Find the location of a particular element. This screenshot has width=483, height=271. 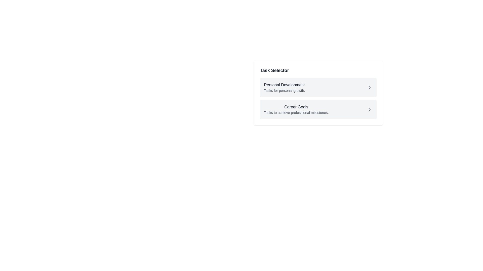

the navigational indicator icon located at the far right of the 'Personal Development' section is located at coordinates (369, 87).